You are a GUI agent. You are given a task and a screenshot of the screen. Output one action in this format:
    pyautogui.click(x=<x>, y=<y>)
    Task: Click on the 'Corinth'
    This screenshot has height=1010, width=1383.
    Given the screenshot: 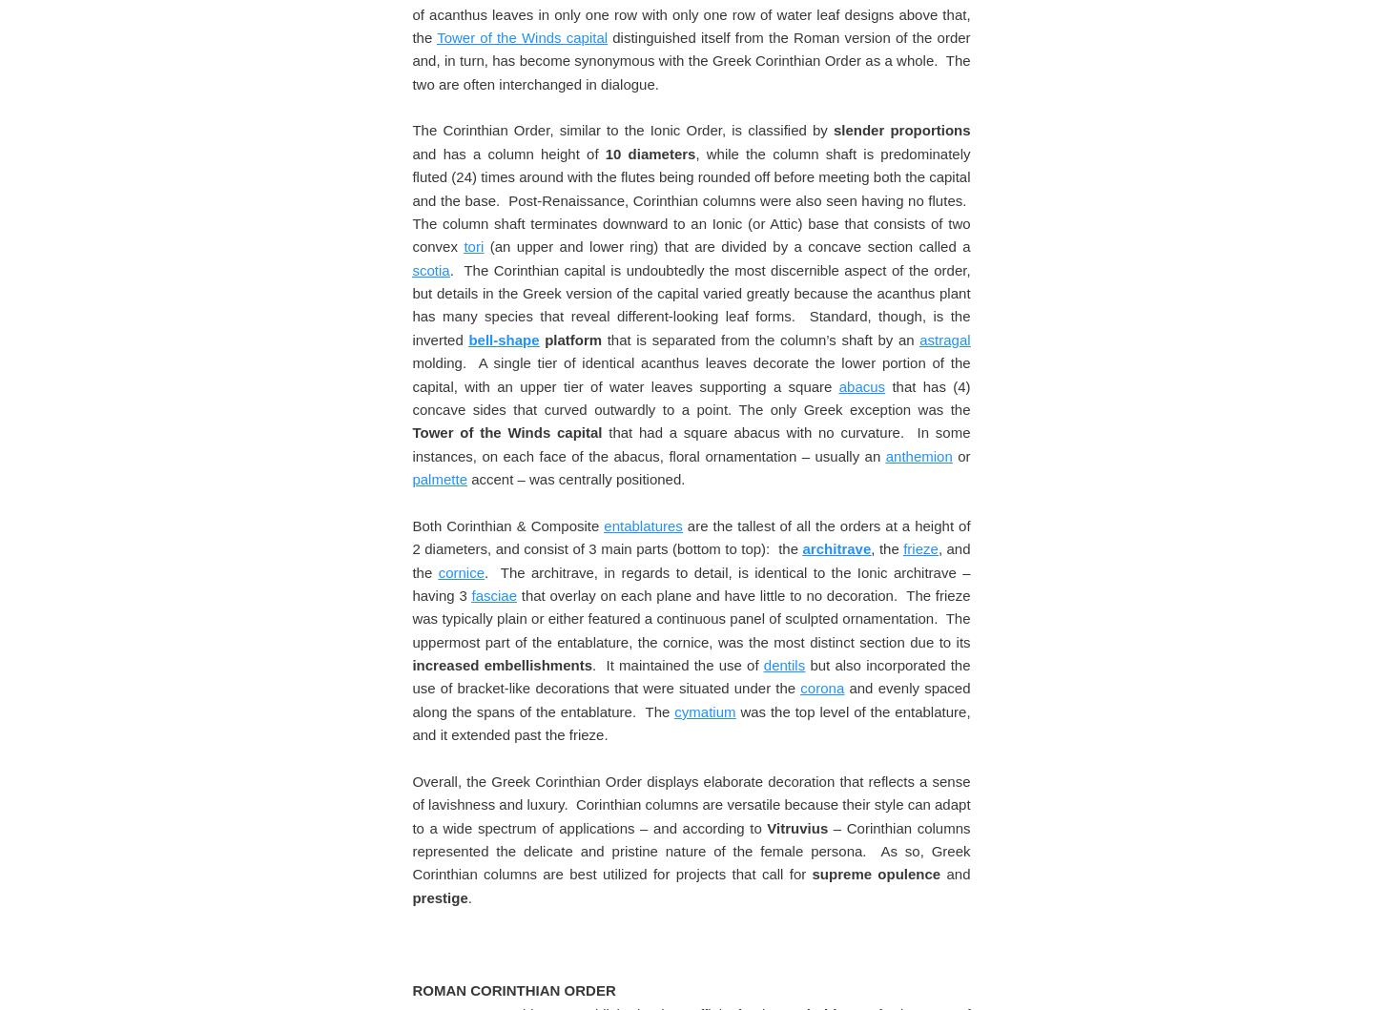 What is the action you would take?
    pyautogui.click(x=720, y=48)
    